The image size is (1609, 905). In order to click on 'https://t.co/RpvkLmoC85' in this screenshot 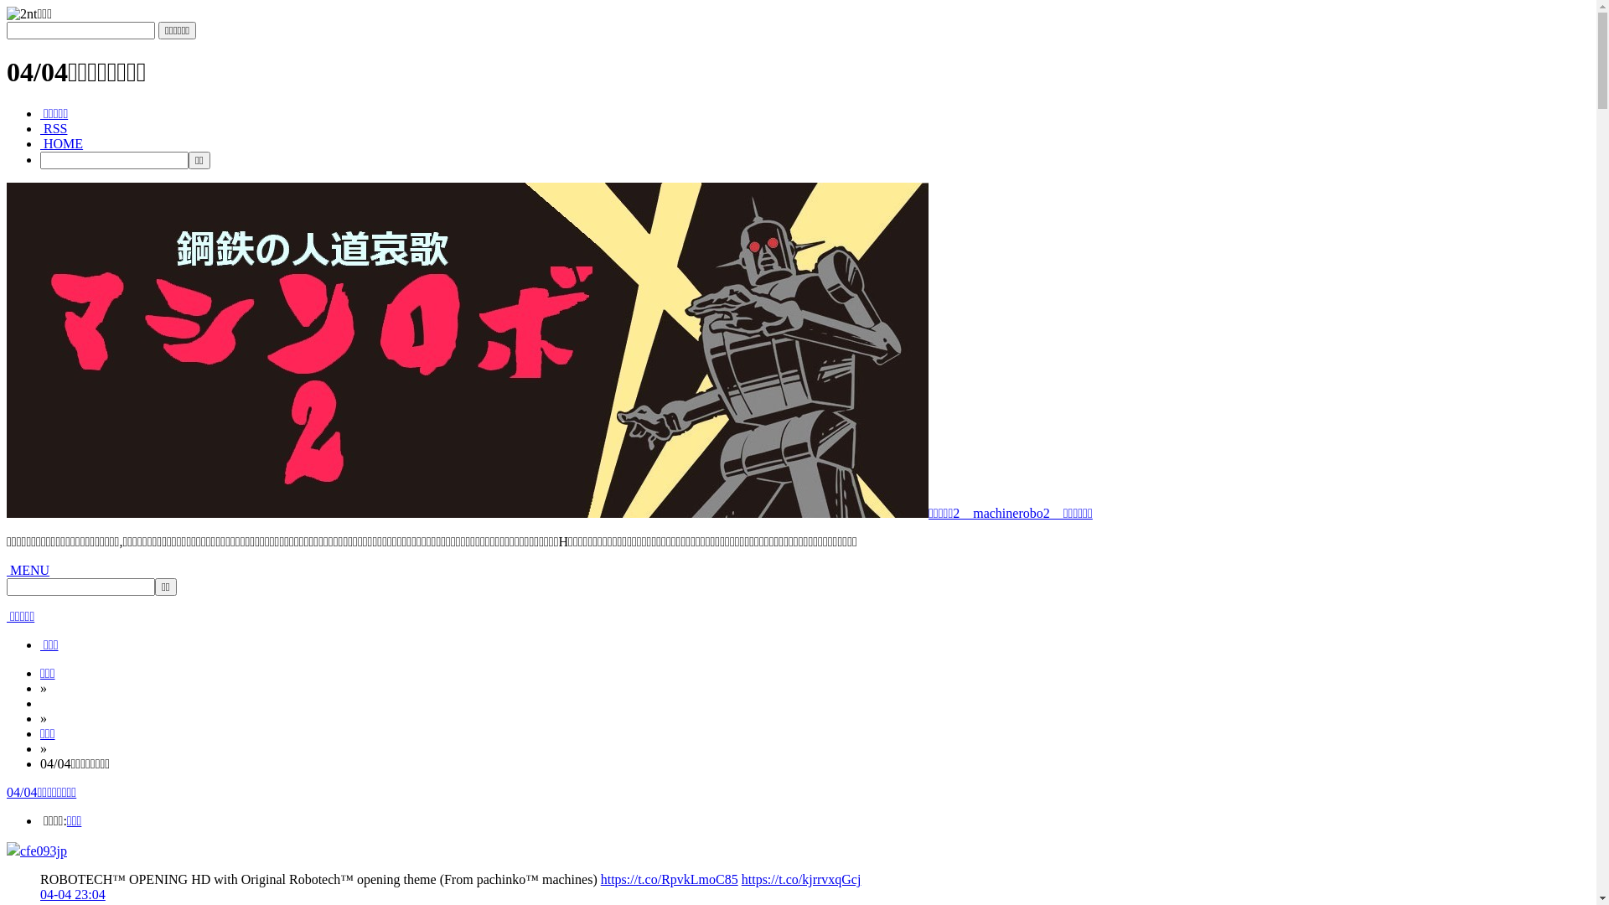, I will do `click(600, 878)`.